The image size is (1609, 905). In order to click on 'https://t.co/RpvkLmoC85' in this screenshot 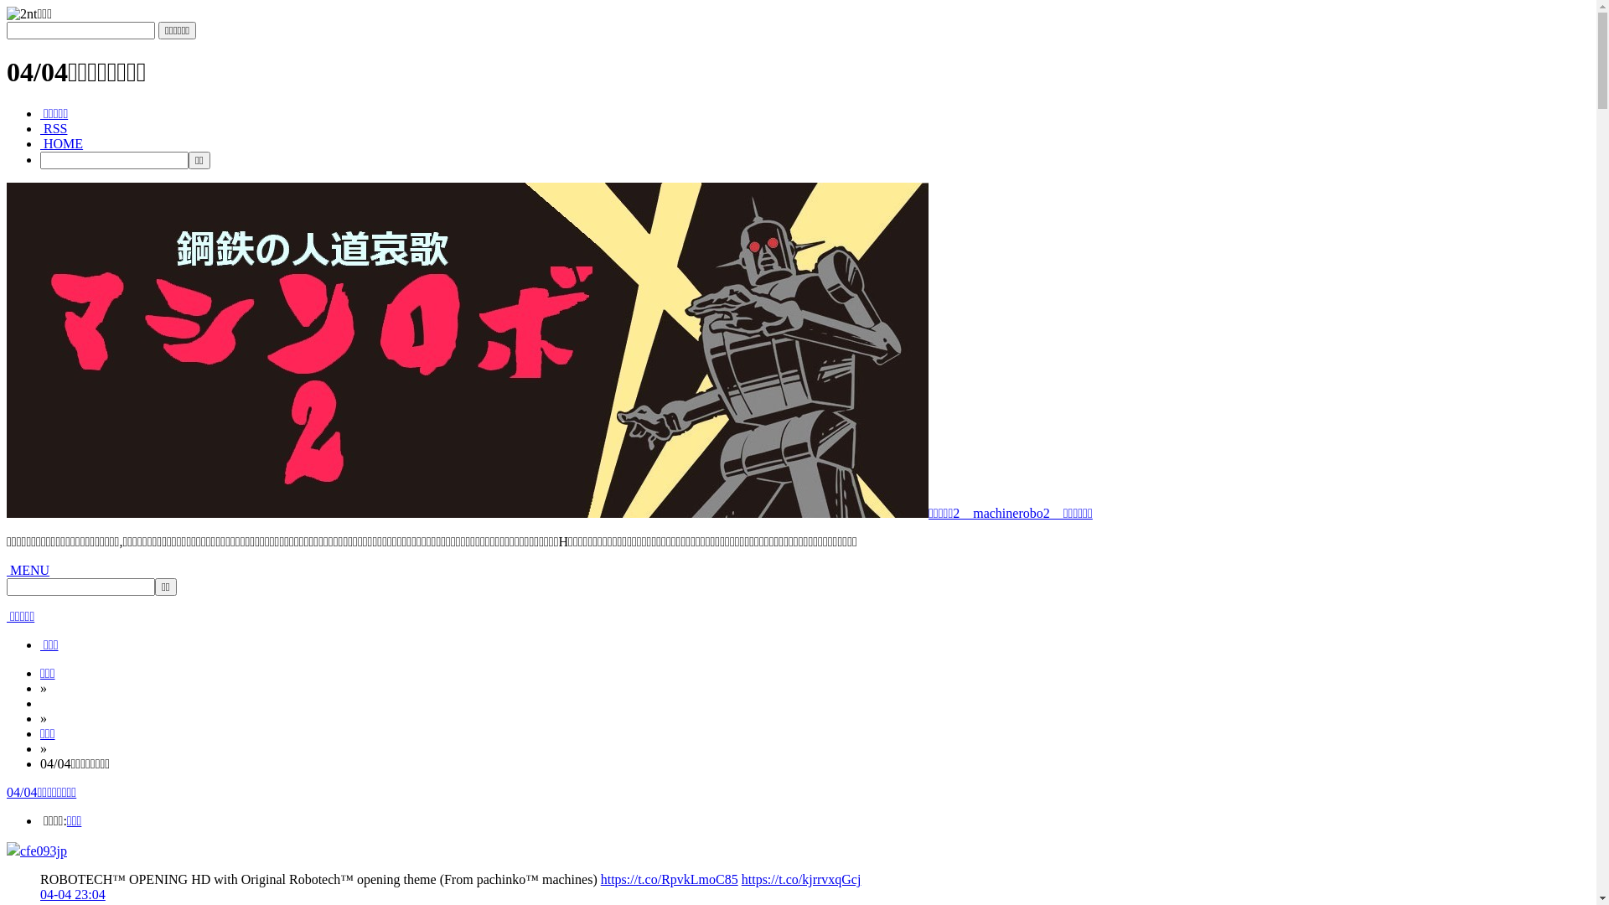, I will do `click(600, 878)`.